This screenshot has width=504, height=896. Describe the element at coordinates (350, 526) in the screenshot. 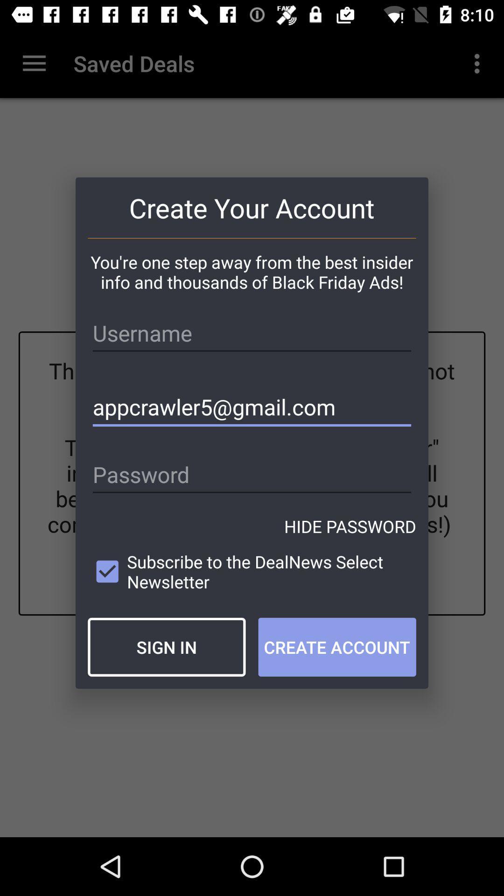

I see `the hide password icon` at that location.